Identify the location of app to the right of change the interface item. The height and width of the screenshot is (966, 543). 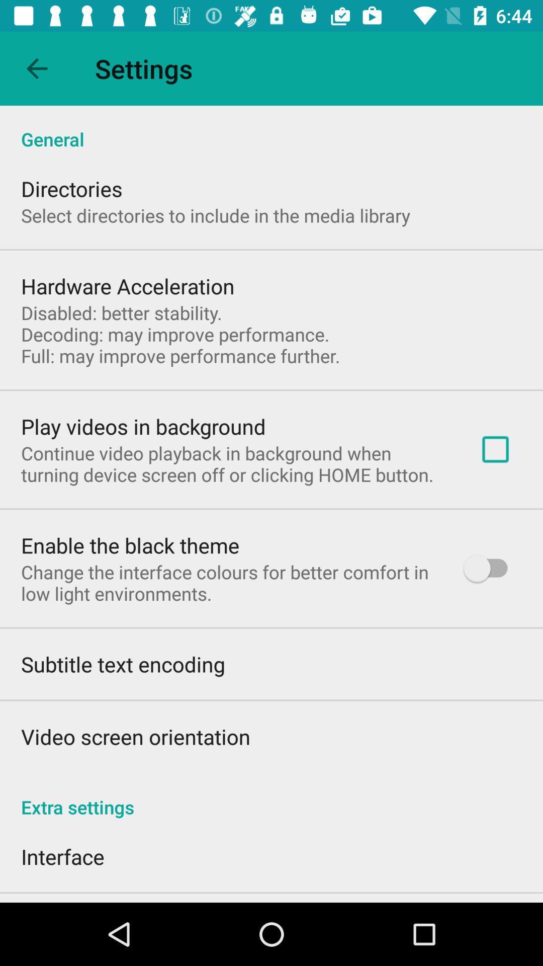
(490, 568).